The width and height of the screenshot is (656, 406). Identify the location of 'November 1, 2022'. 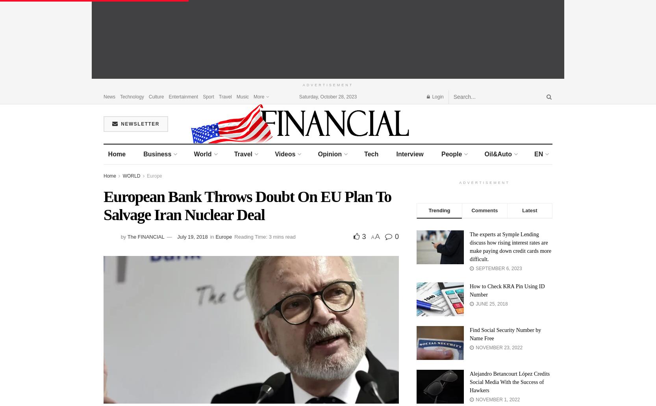
(497, 399).